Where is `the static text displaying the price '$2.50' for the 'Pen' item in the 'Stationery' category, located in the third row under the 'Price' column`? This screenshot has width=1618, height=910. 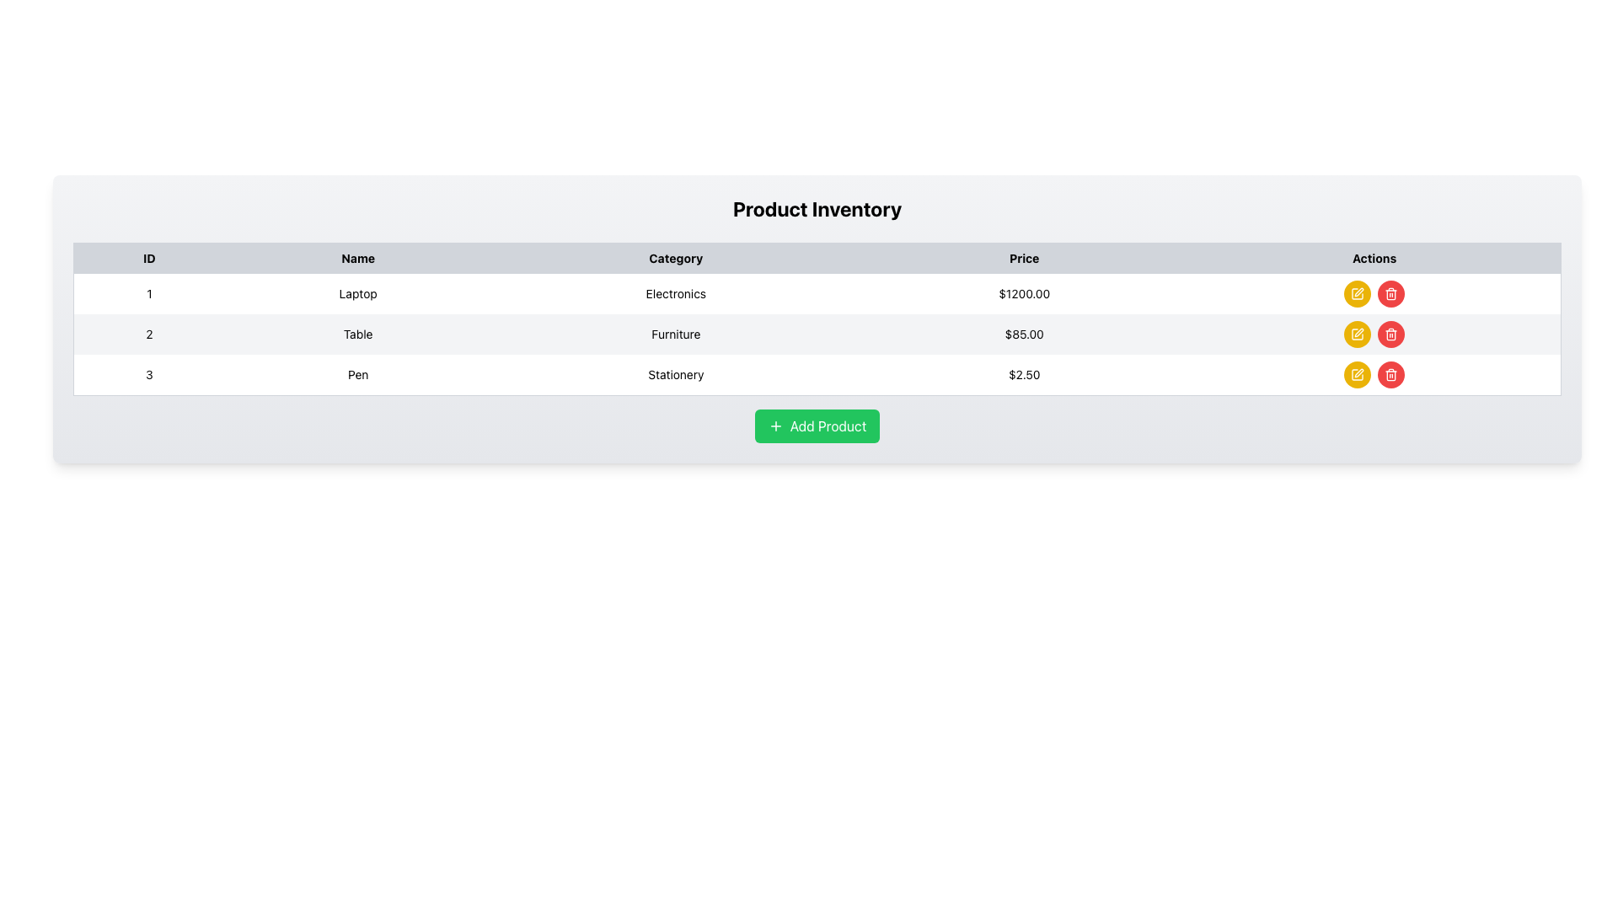
the static text displaying the price '$2.50' for the 'Pen' item in the 'Stationery' category, located in the third row under the 'Price' column is located at coordinates (1023, 374).